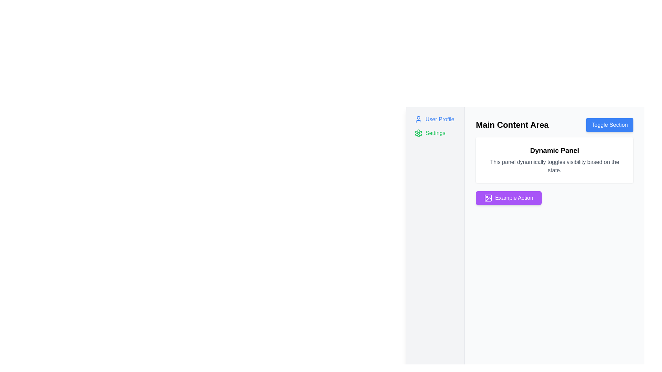  Describe the element at coordinates (435, 119) in the screenshot. I see `the 'User Profile' navigation link in the left sidebar` at that location.